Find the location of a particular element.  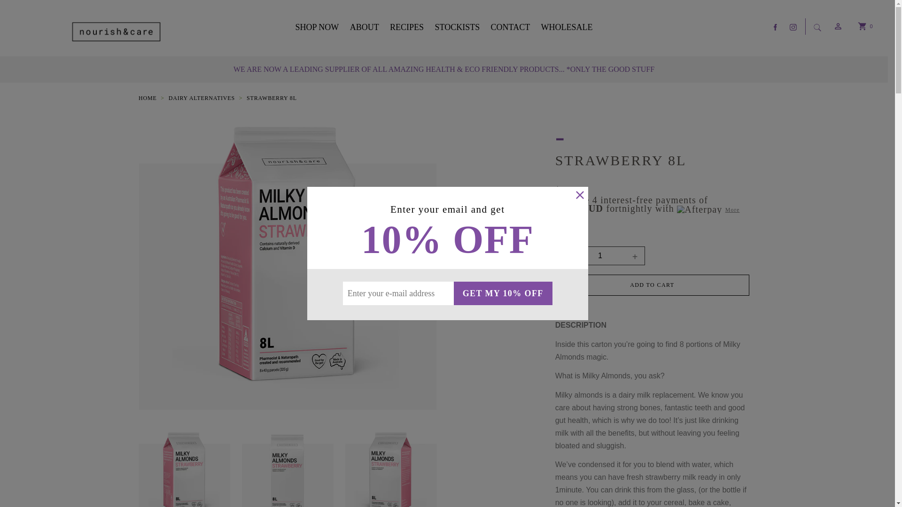

'WHOLESALE' is located at coordinates (564, 27).